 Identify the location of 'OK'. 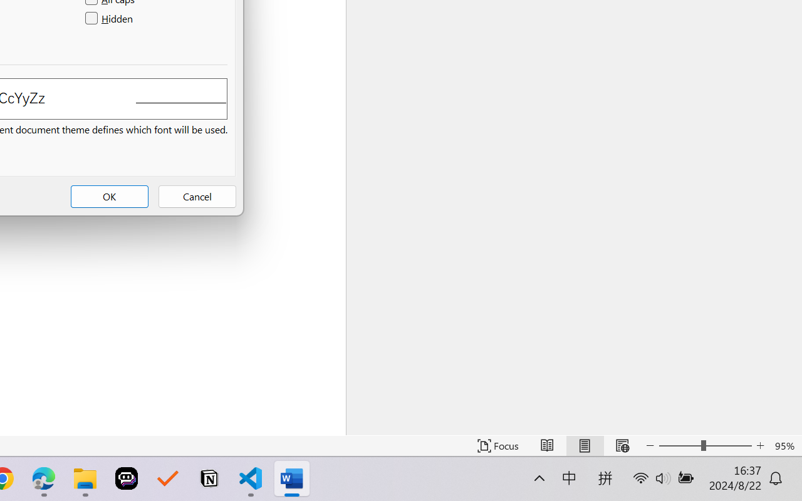
(110, 196).